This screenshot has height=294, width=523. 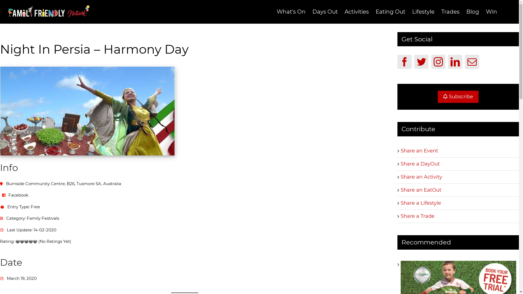 I want to click on 'Subscribe', so click(x=458, y=96).